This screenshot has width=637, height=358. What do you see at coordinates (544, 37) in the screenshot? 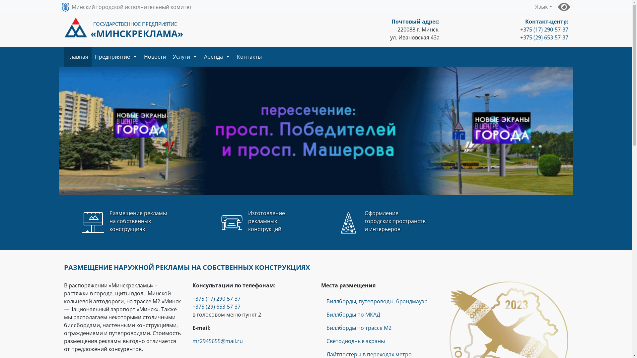
I see `'+375 (29) 653-57-37'` at bounding box center [544, 37].